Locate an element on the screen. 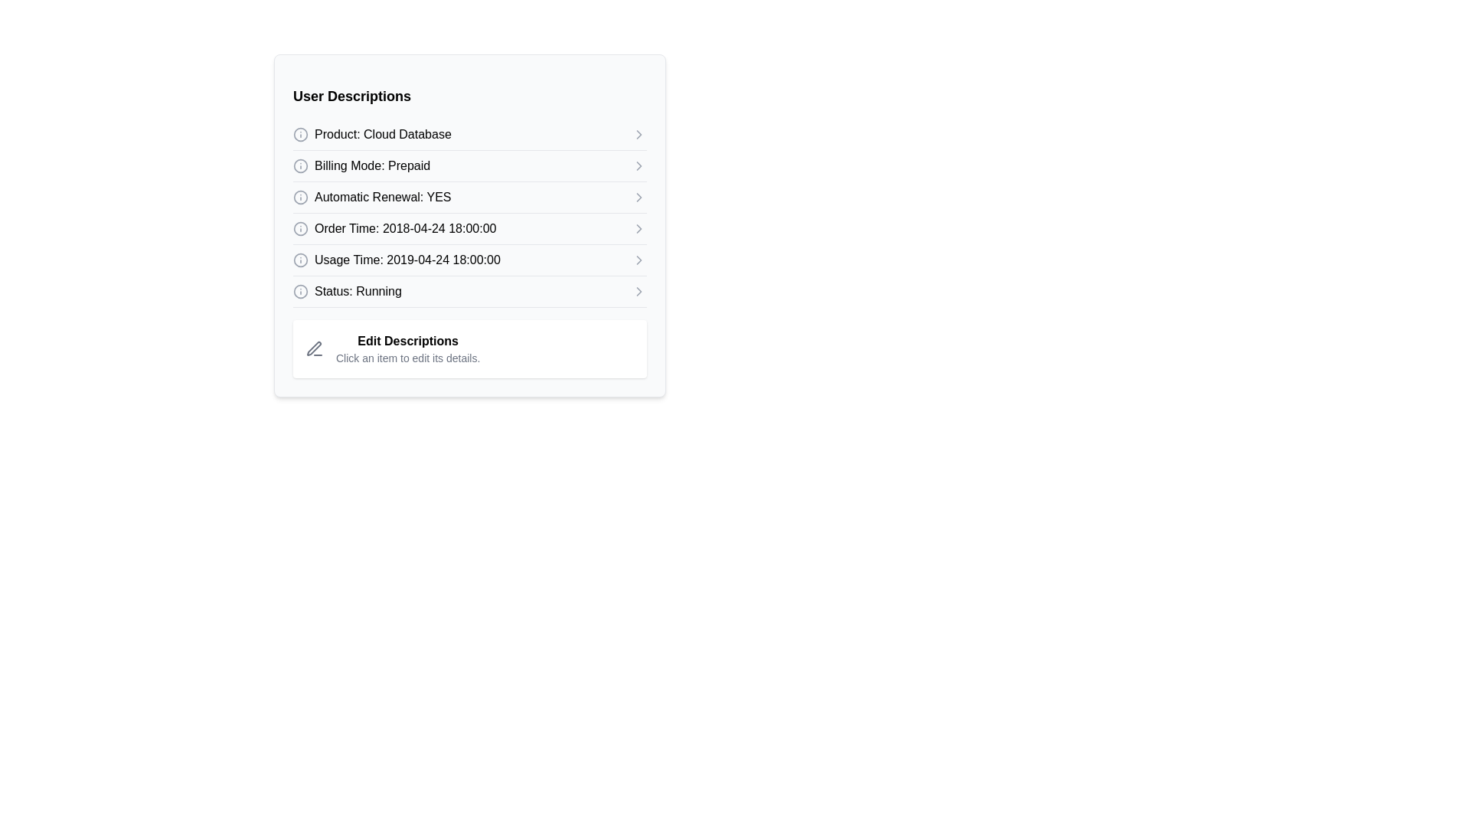 The height and width of the screenshot is (827, 1470). the small grayish arrow icon located at the center of the rightward-pointing chevron group beside the 'Automatic Renewal: YES' text is located at coordinates (639, 197).